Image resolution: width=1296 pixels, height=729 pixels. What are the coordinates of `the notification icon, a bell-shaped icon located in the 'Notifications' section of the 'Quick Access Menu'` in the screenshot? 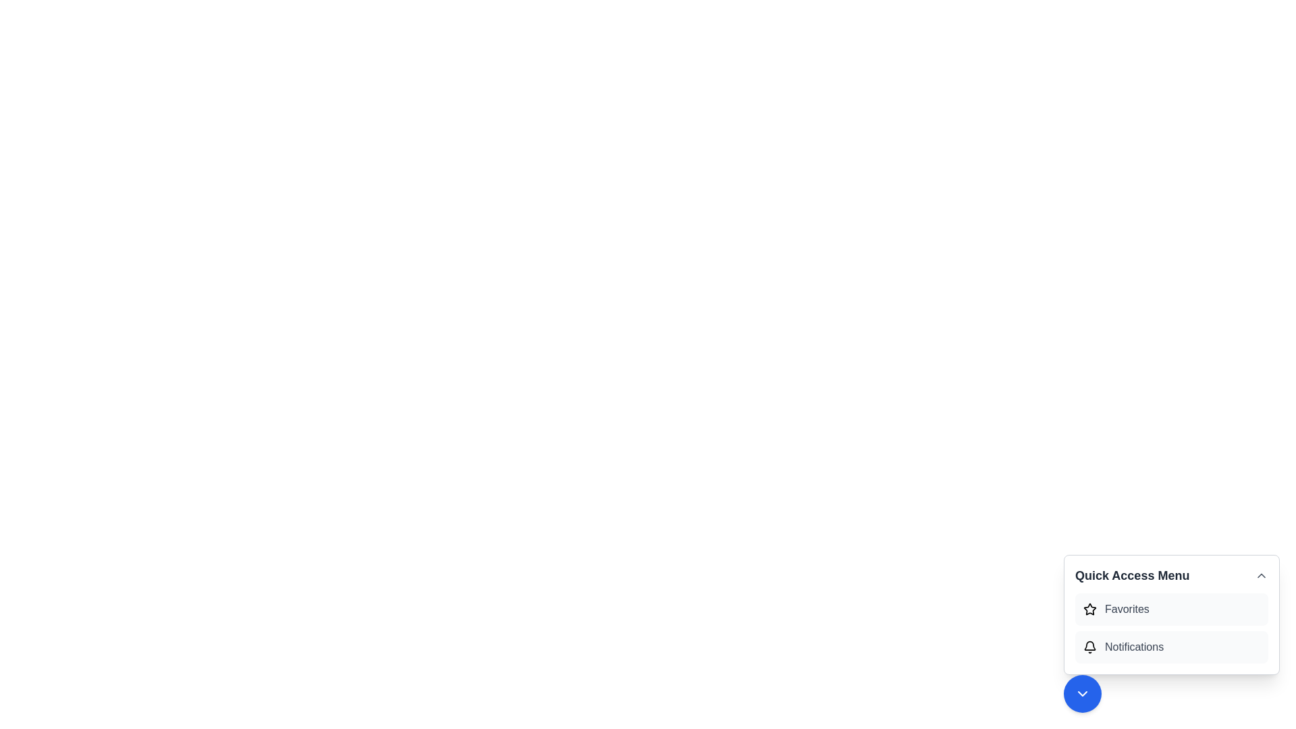 It's located at (1089, 647).